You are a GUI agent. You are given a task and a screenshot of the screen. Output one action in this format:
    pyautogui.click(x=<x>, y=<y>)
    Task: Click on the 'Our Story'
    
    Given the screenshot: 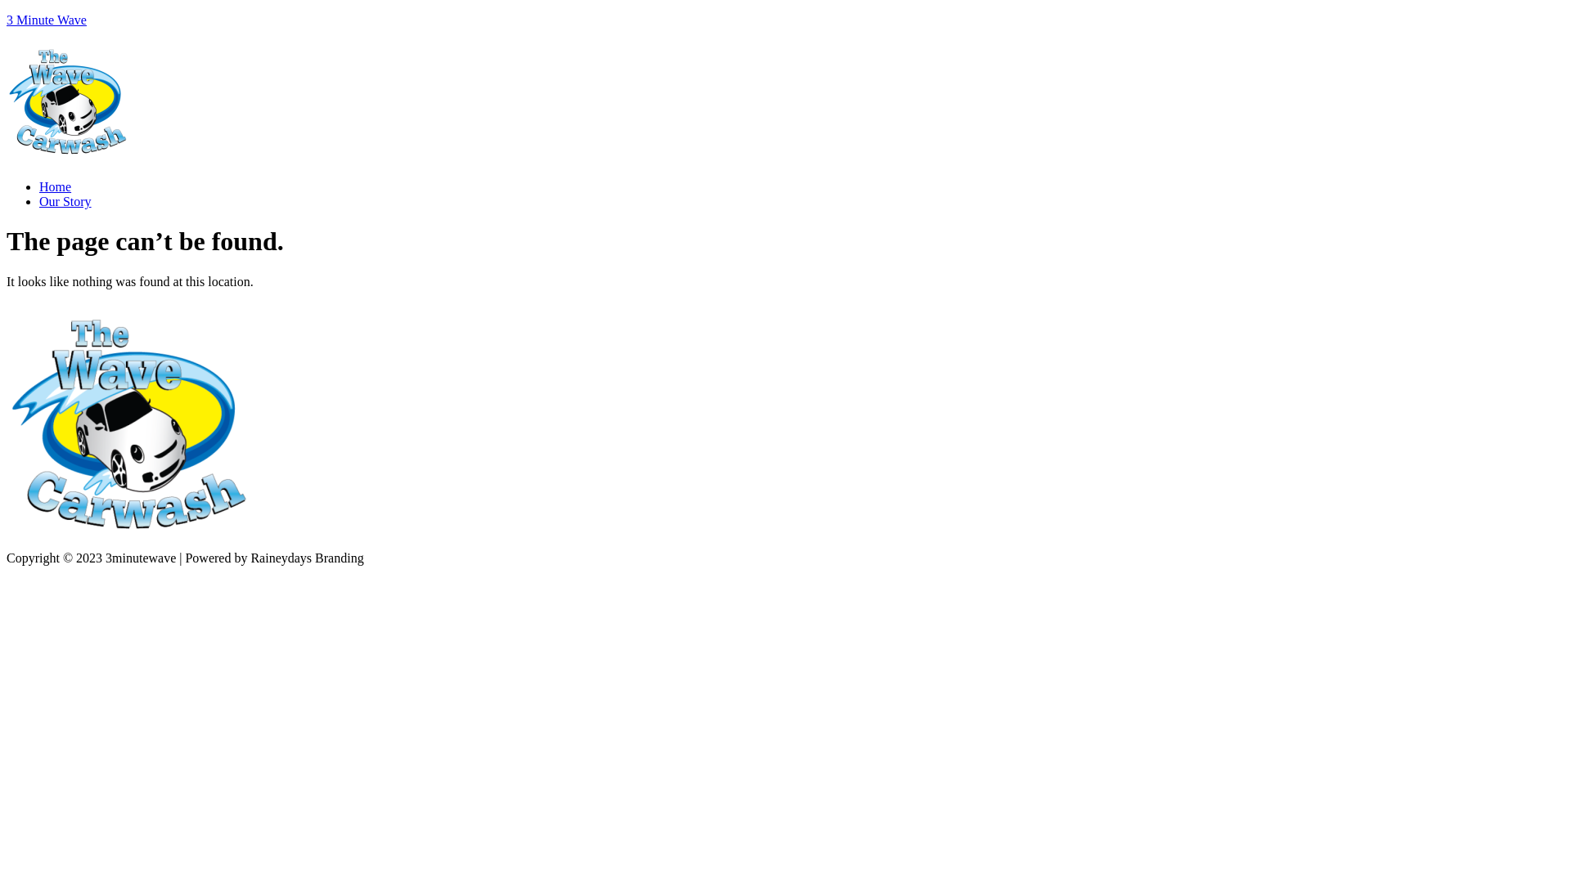 What is the action you would take?
    pyautogui.click(x=39, y=200)
    